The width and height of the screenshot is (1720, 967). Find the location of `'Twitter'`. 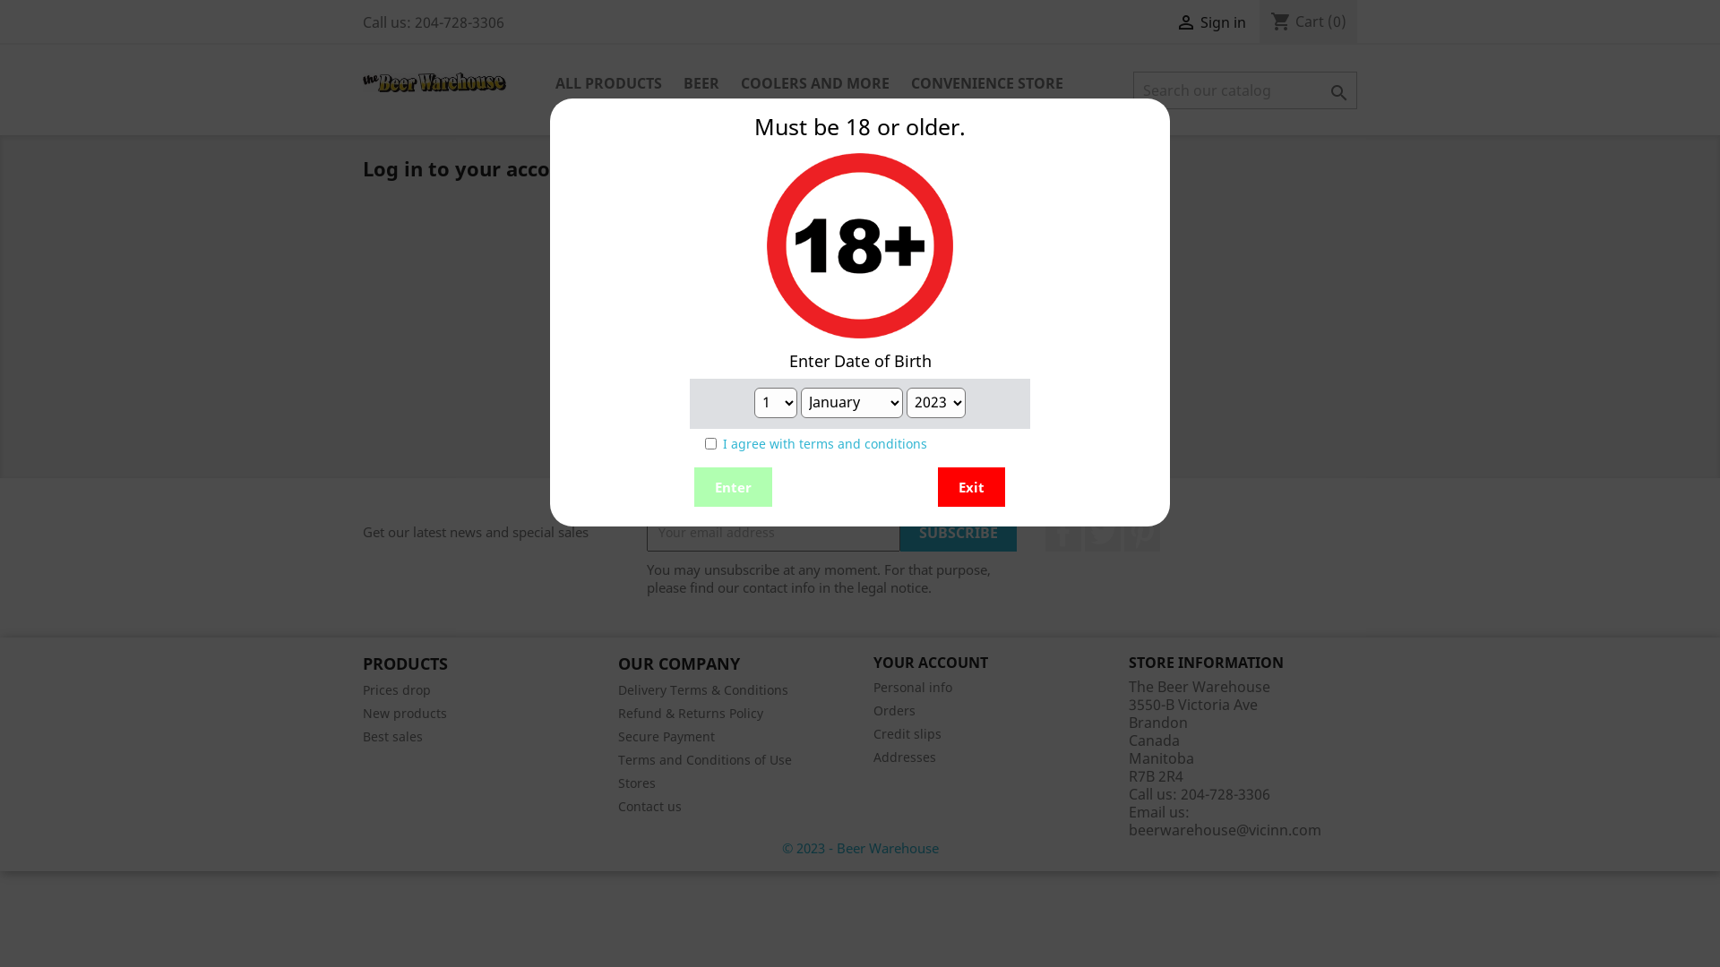

'Twitter' is located at coordinates (1101, 533).